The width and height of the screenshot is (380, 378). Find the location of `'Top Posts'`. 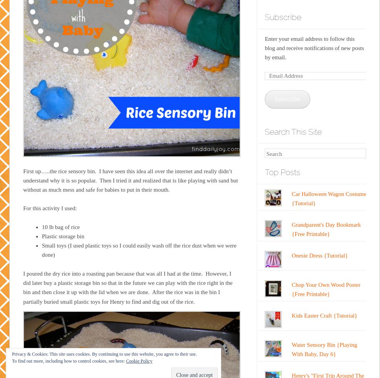

'Top Posts' is located at coordinates (282, 172).